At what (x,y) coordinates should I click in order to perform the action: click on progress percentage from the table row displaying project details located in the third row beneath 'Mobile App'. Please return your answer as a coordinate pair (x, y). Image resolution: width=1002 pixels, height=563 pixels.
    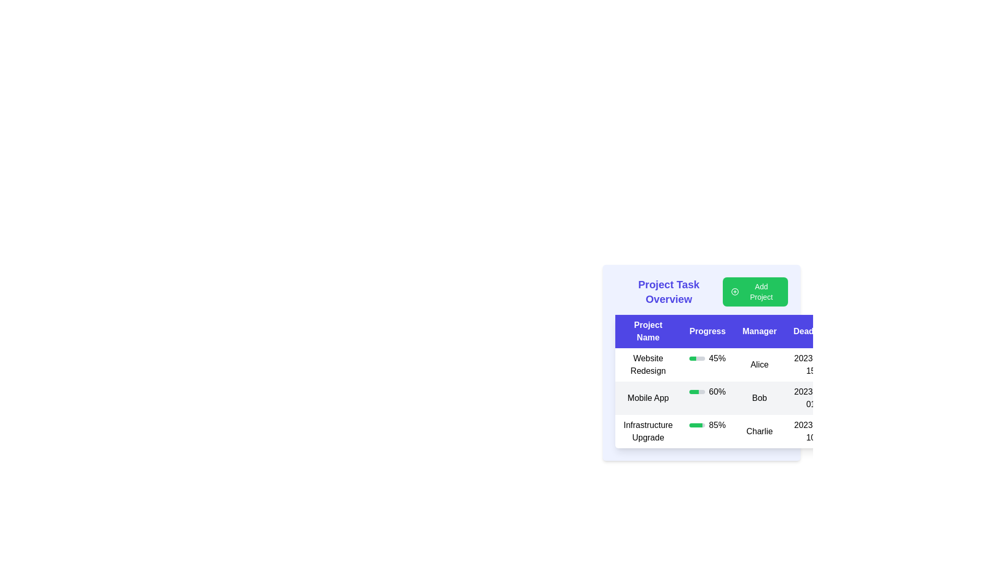
    Looking at the image, I should click on (725, 432).